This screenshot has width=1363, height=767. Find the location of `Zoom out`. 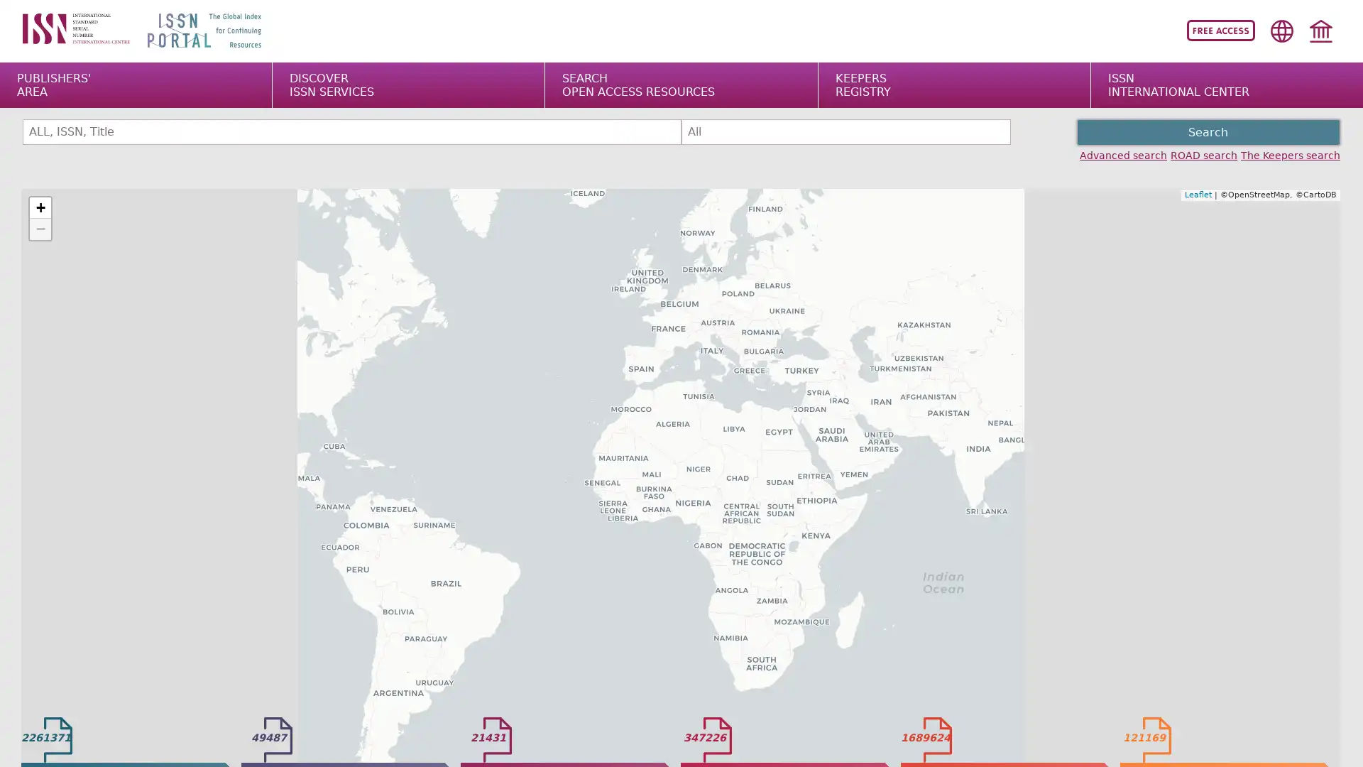

Zoom out is located at coordinates (40, 229).